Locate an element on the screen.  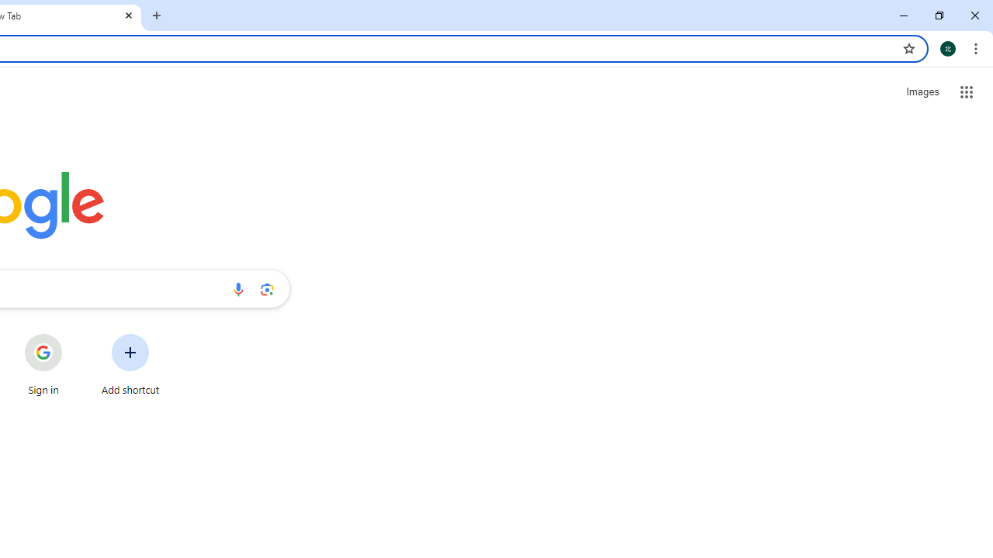
'Minimize' is located at coordinates (904, 15).